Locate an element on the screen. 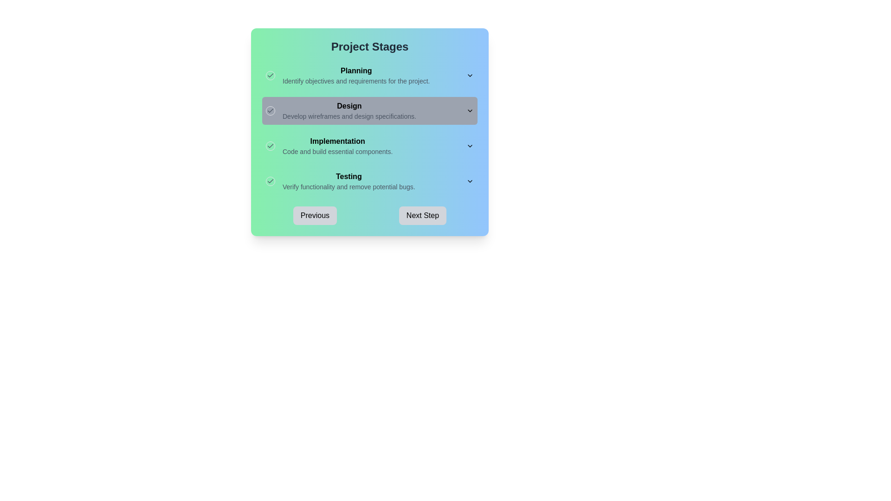 This screenshot has height=501, width=891. the descriptive text label located below the bold 'Design' heading in the Design section of the Project Stages workflow interface is located at coordinates (349, 116).